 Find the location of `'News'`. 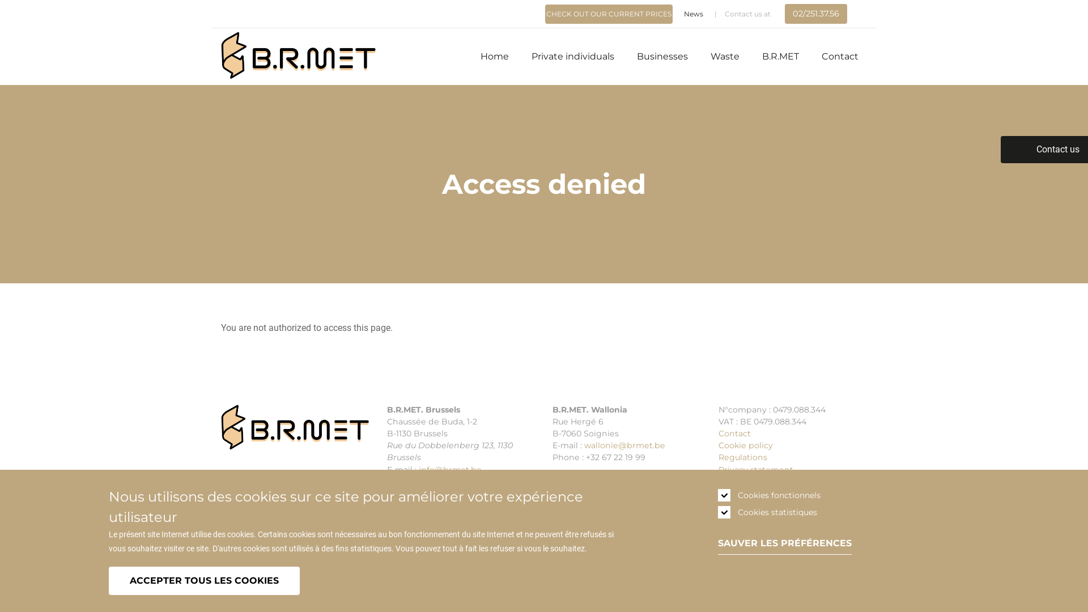

'News' is located at coordinates (693, 14).